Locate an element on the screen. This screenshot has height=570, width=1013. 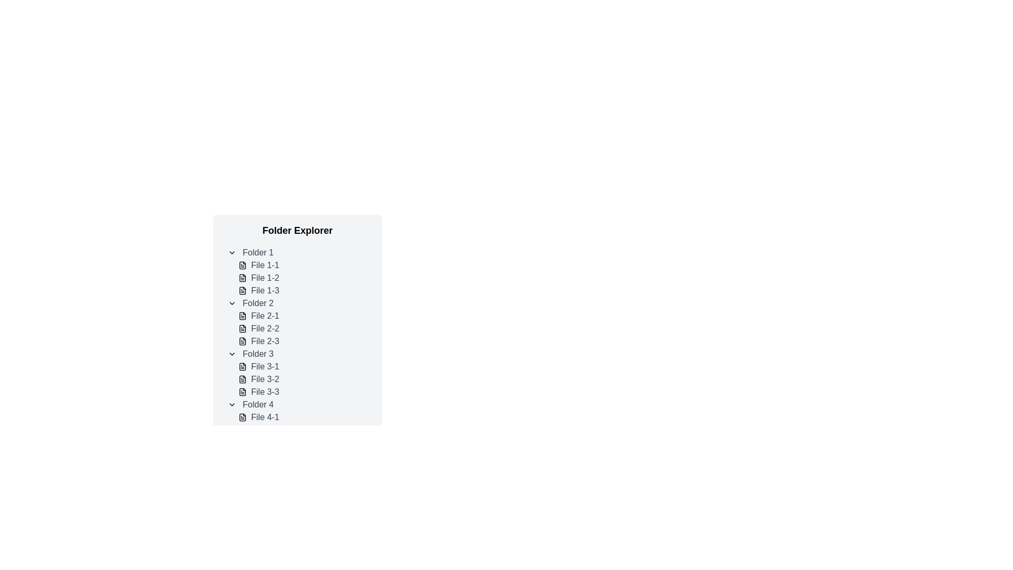
the text label 'File 2-1' which is styled in gray and located as the second entry under 'Folder 2' in the folder explorer interface is located at coordinates (265, 315).